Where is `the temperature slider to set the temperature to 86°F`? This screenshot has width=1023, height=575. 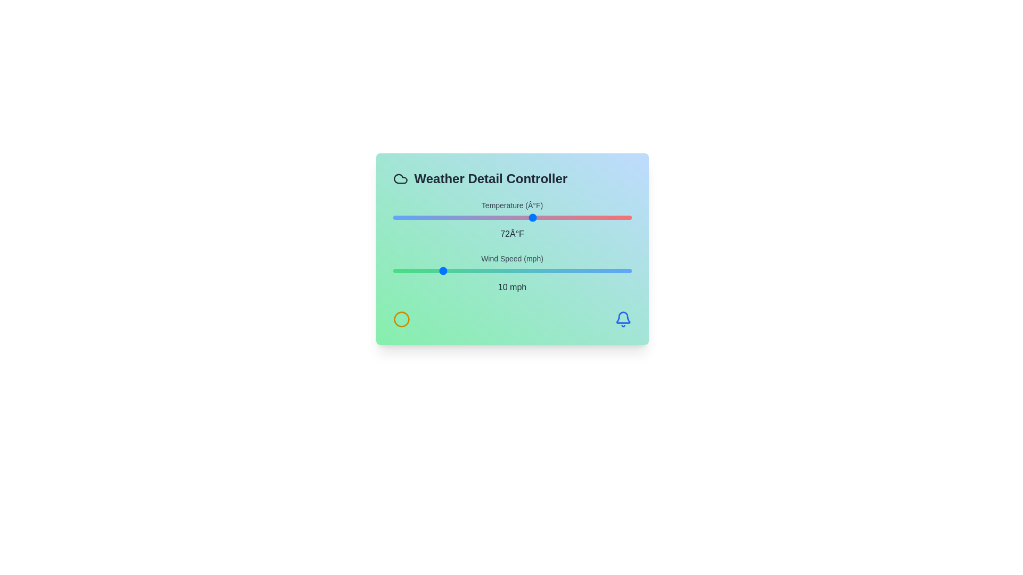
the temperature slider to set the temperature to 86°F is located at coordinates (582, 217).